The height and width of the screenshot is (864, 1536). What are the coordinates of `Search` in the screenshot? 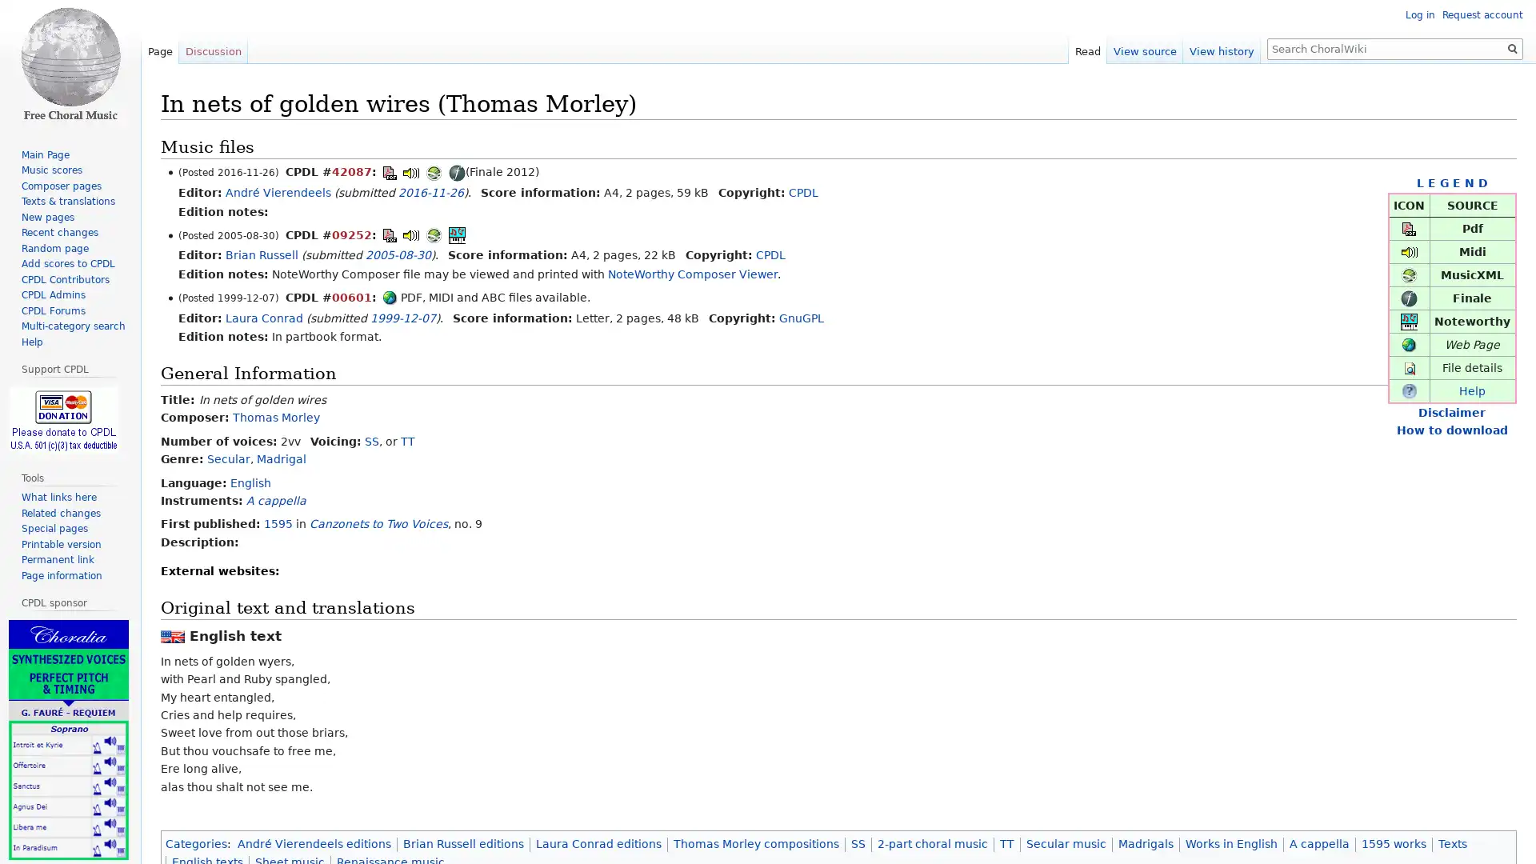 It's located at (1512, 48).